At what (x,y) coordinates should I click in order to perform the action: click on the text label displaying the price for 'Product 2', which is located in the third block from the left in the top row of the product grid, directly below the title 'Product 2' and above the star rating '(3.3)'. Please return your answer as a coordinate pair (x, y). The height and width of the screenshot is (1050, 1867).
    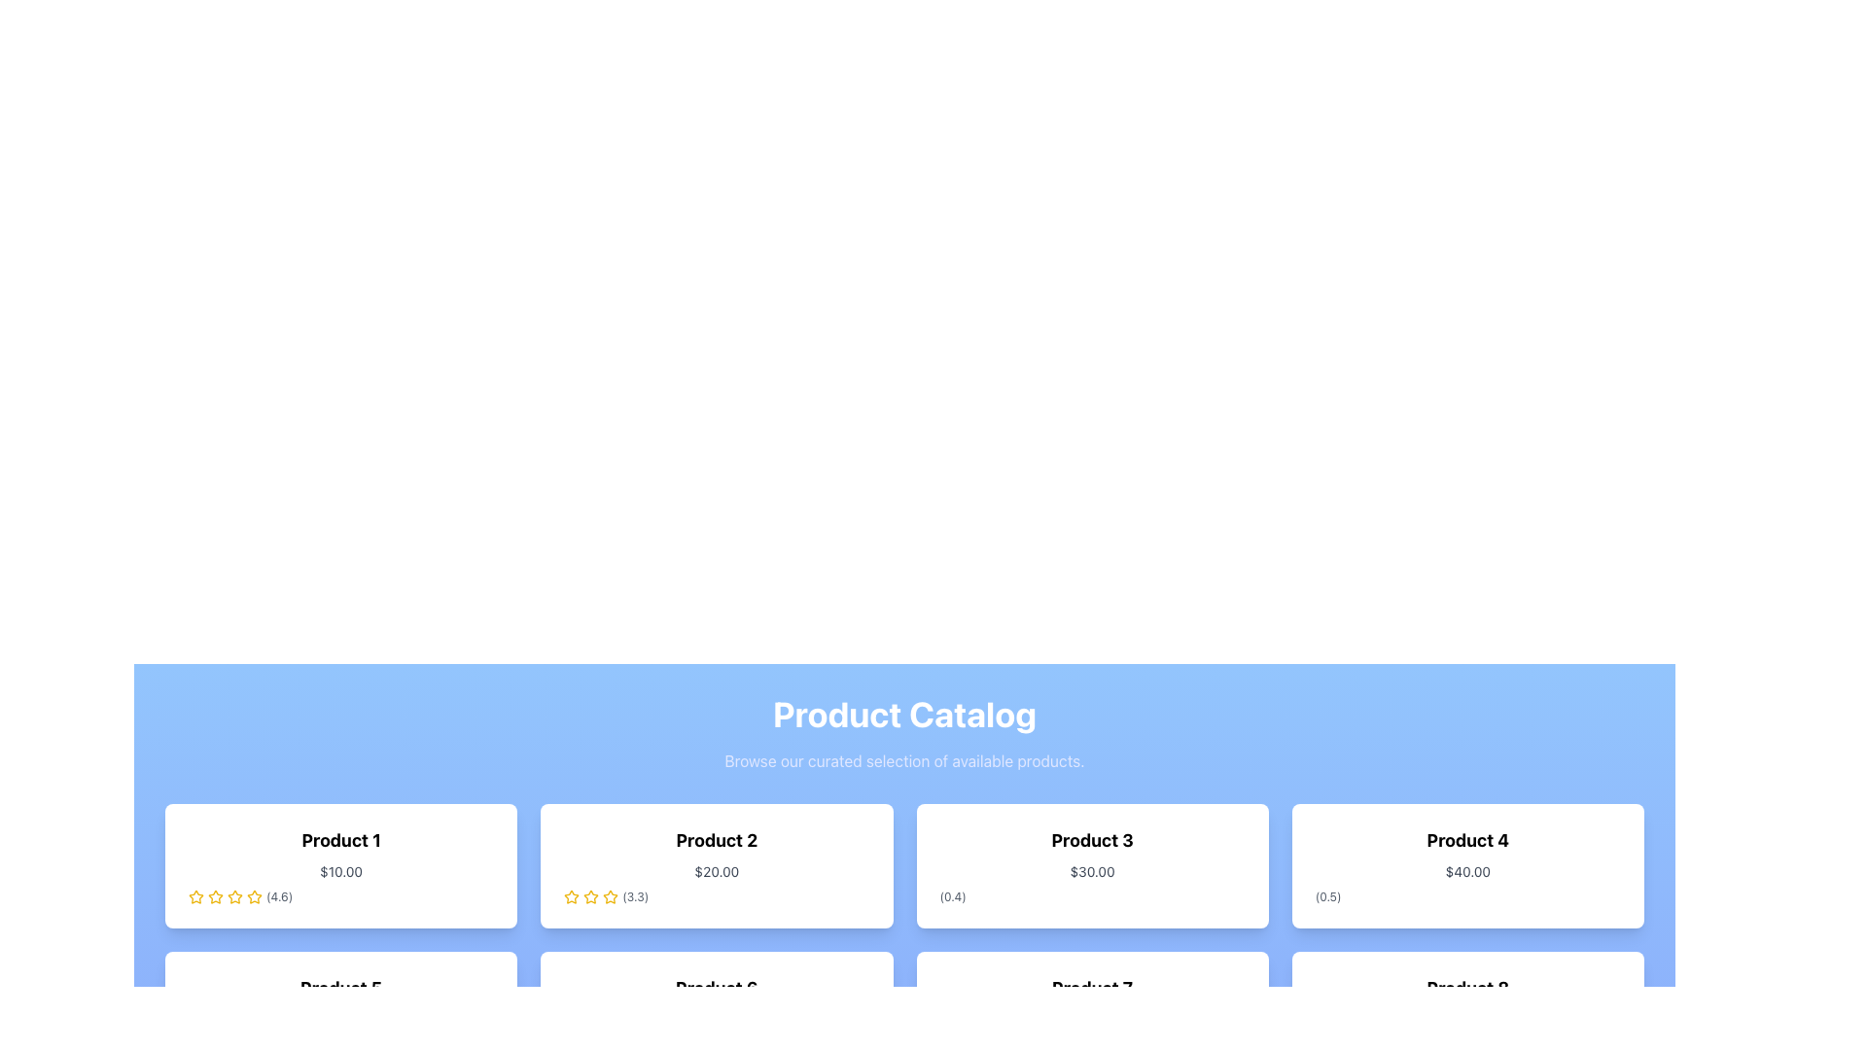
    Looking at the image, I should click on (716, 871).